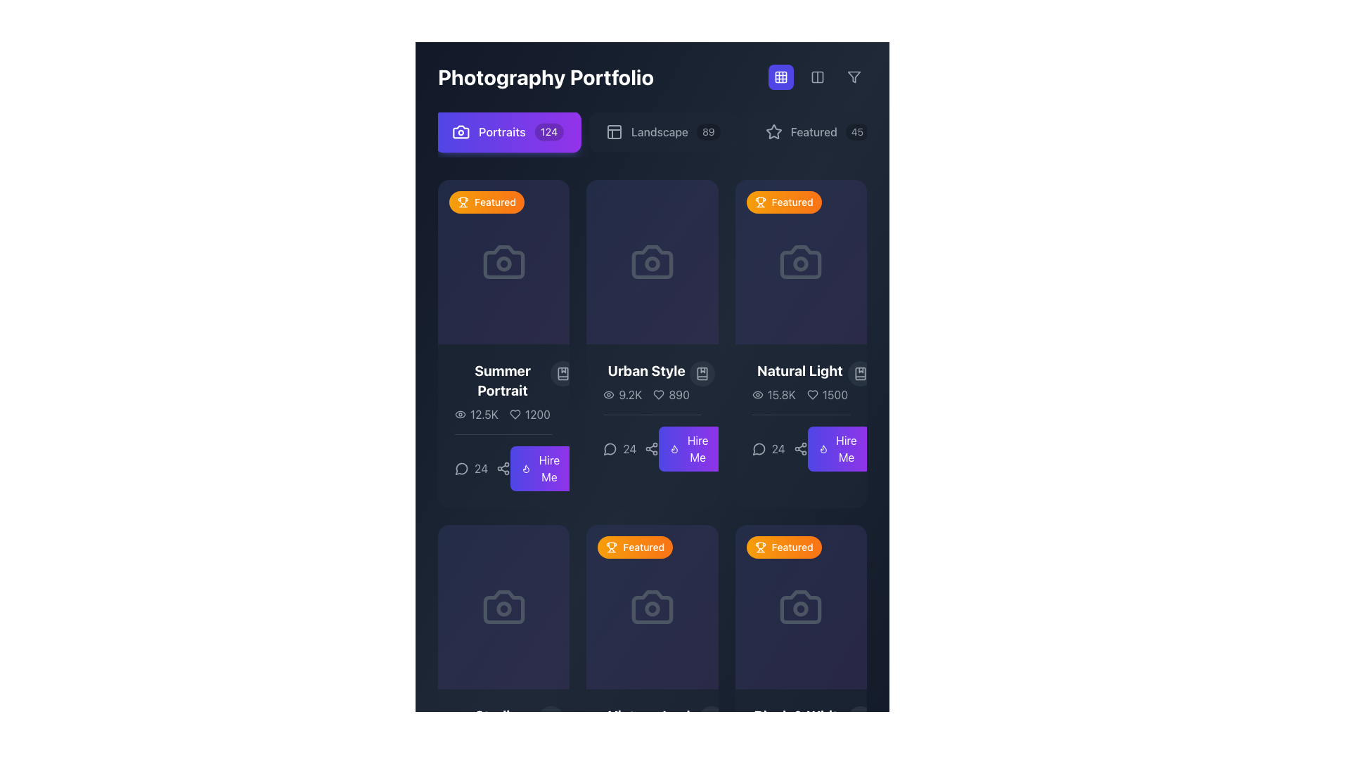  What do you see at coordinates (757, 395) in the screenshot?
I see `the visibility toggle icon located below the 'Natural Light' card title in the action icons group` at bounding box center [757, 395].